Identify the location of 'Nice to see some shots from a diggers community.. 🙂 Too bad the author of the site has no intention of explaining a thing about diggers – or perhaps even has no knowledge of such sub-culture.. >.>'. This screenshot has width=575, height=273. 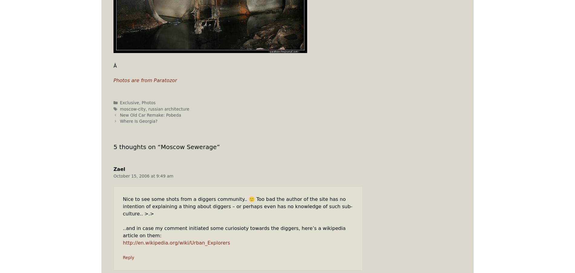
(237, 206).